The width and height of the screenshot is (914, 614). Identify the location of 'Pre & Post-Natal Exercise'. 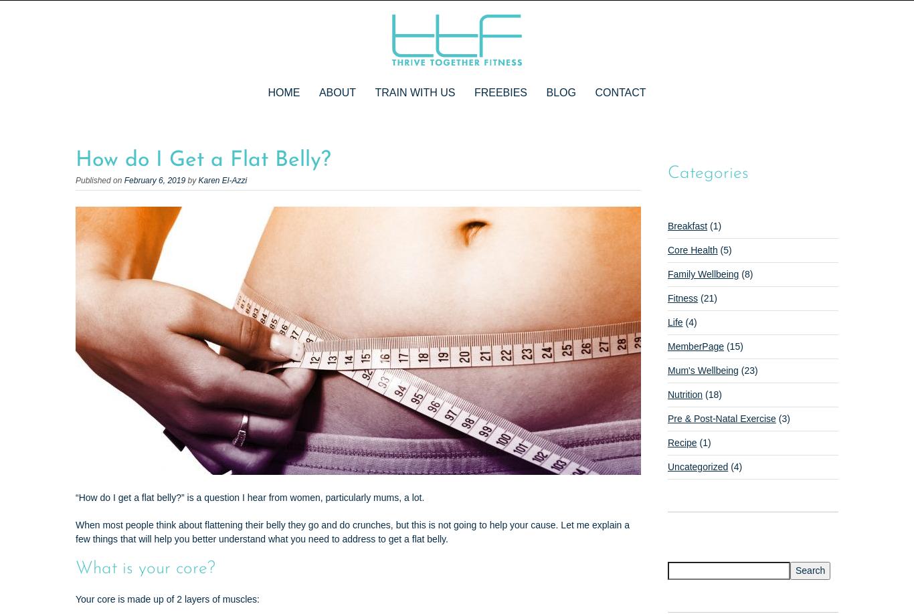
(721, 418).